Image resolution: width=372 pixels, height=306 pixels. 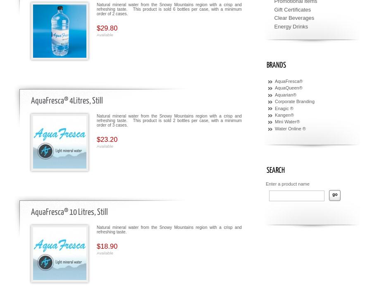 I want to click on 'Water Online ®', so click(x=275, y=128).